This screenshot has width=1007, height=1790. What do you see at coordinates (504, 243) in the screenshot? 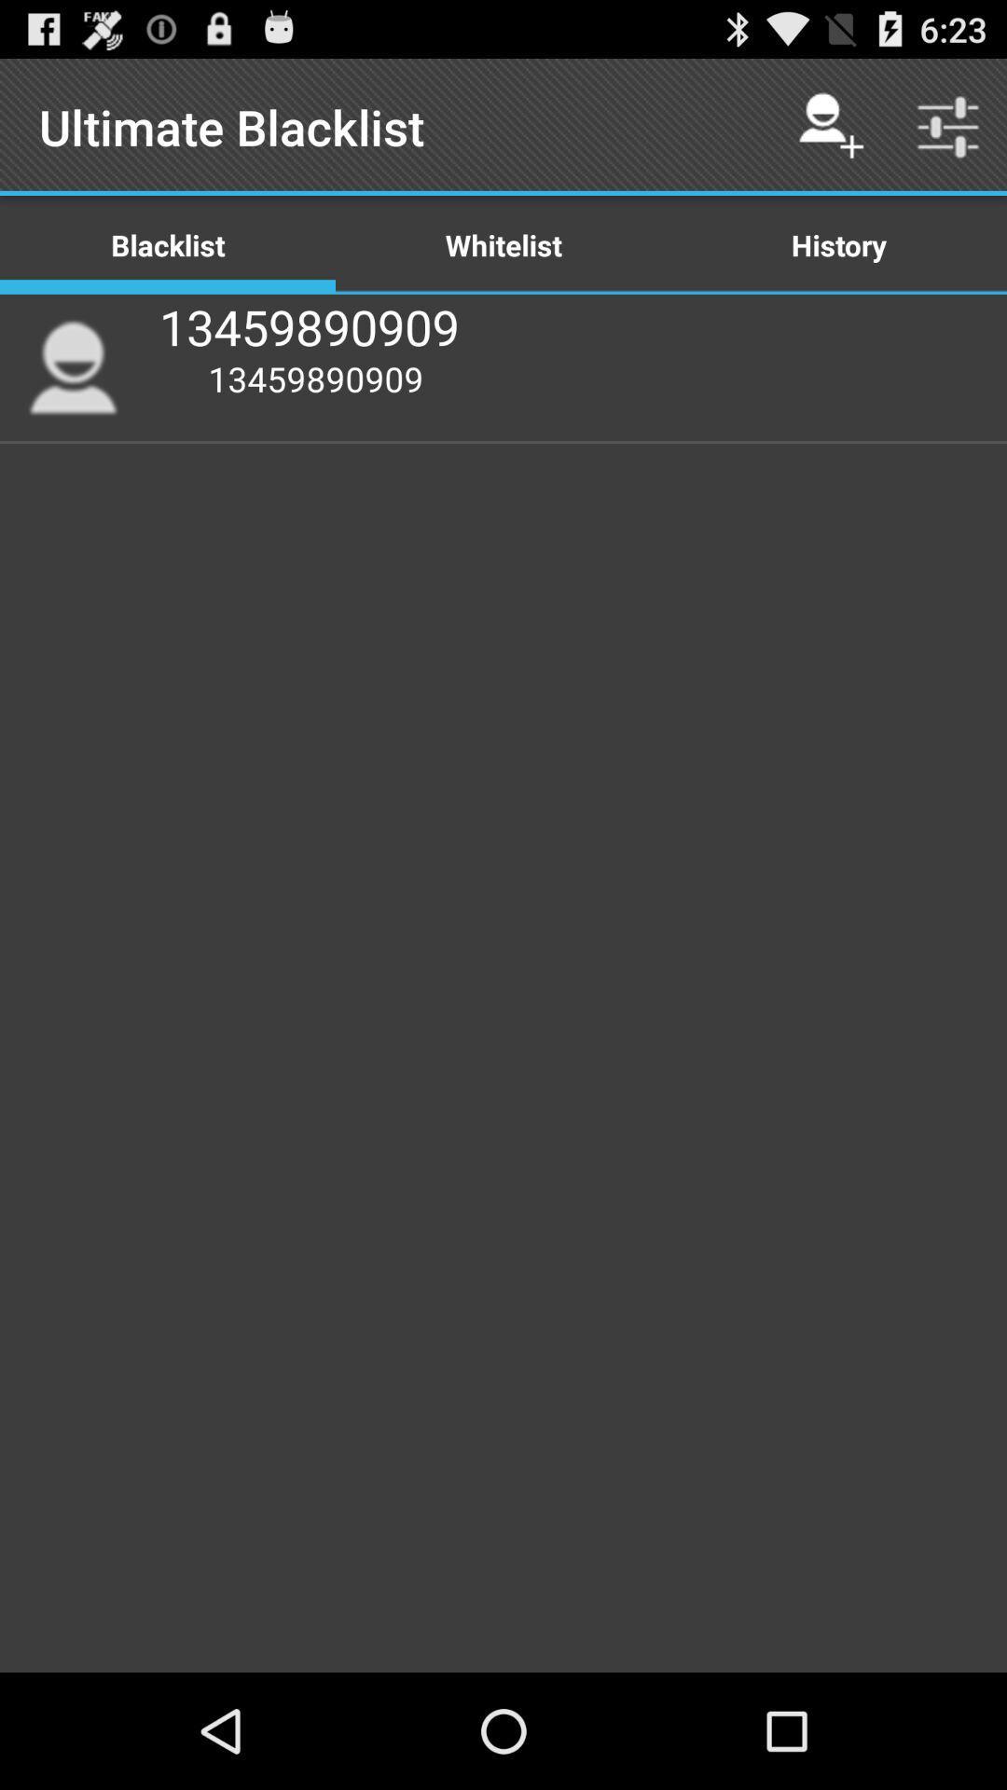
I see `item at the top` at bounding box center [504, 243].